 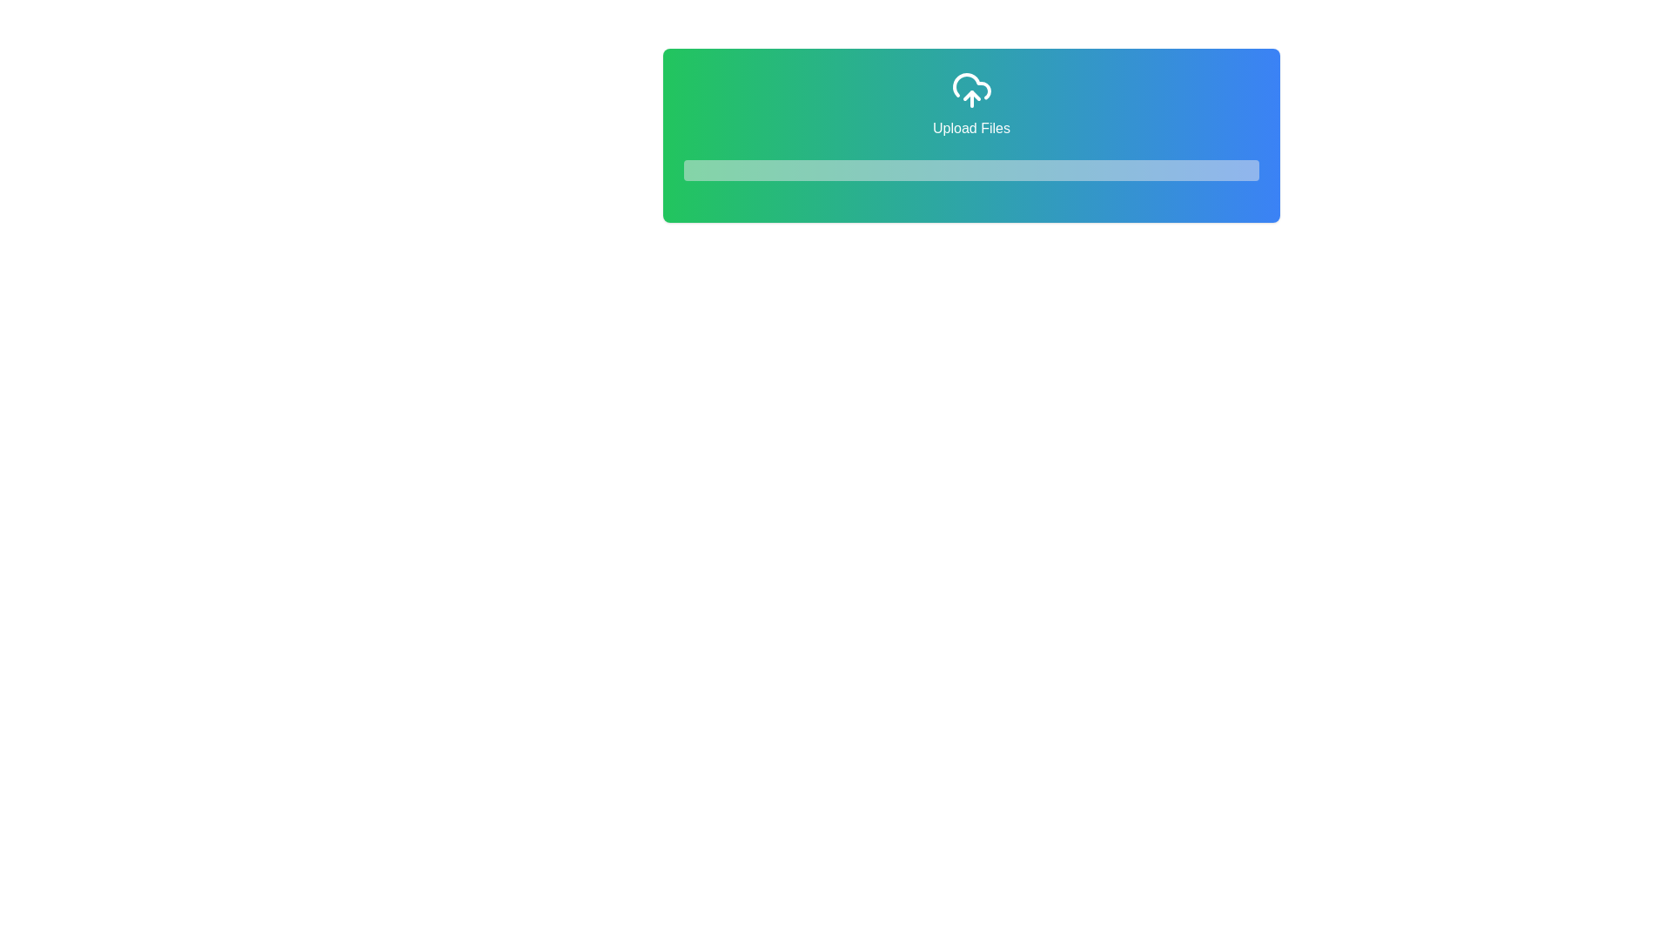 What do you see at coordinates (970, 96) in the screenshot?
I see `the upward-pointing arrow icon located within the cloud-shaped icon, positioned directly below the central vertical line and above the 'Upload Files' text` at bounding box center [970, 96].